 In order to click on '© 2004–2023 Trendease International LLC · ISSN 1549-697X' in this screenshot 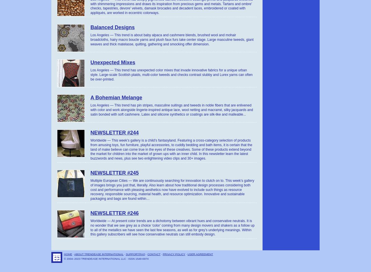, I will do `click(106, 259)`.